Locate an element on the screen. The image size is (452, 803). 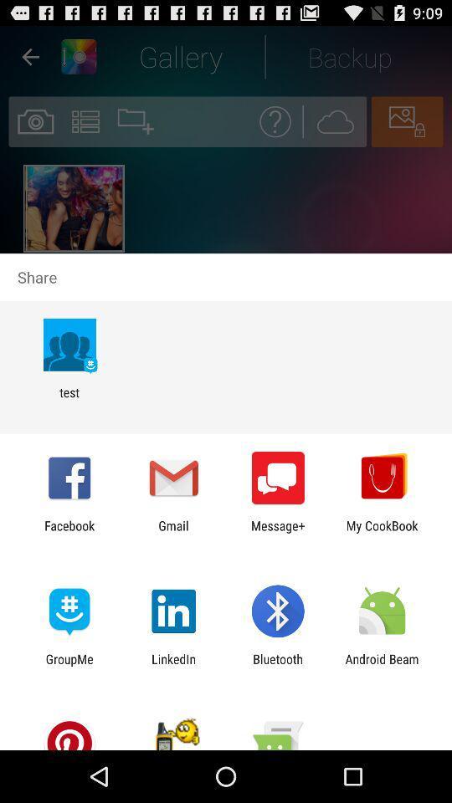
item to the left of my cookbook icon is located at coordinates (278, 532).